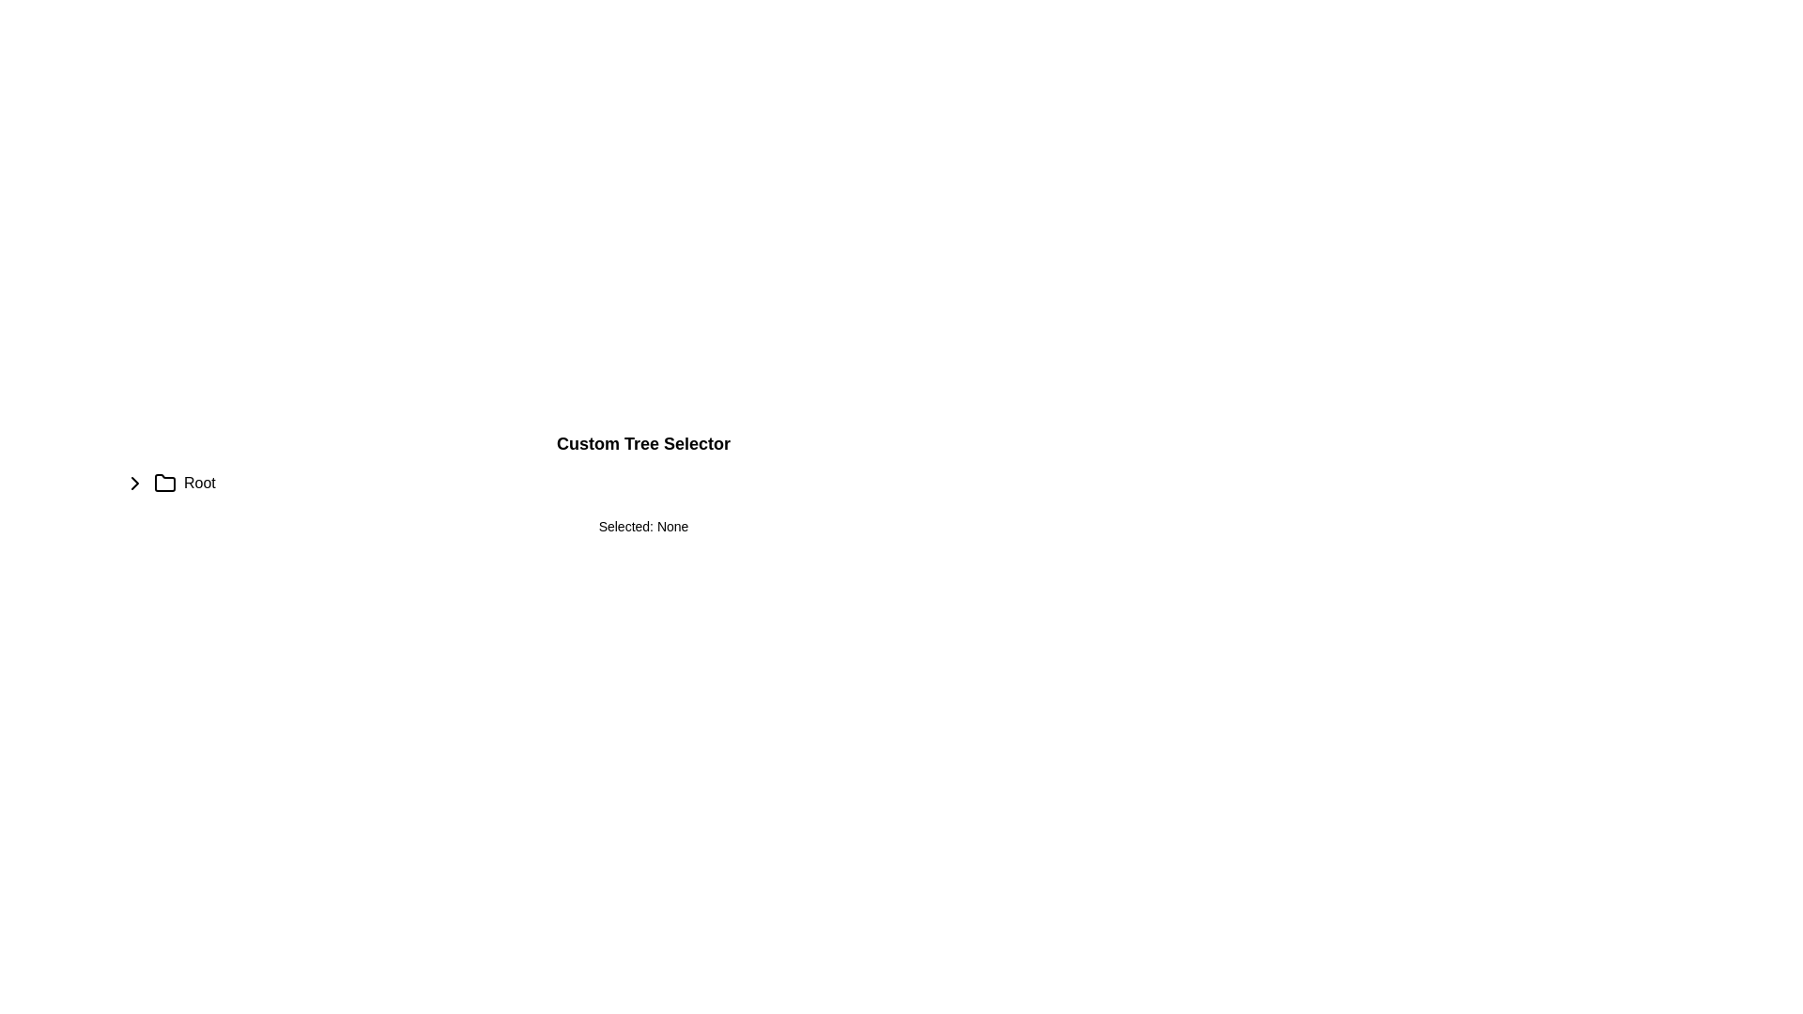 This screenshot has height=1014, width=1803. I want to click on the minimalist folder icon outlined with a thin border, located between the triangular arrow icon and the text 'Root', so click(165, 483).